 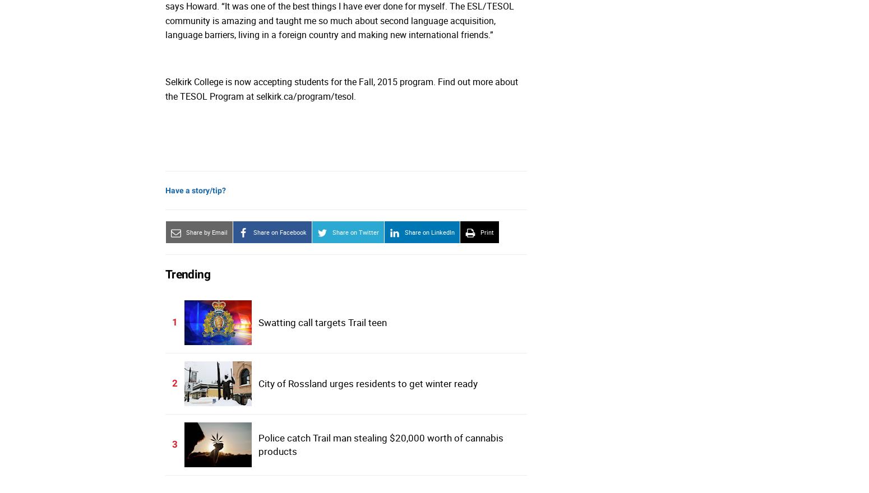 What do you see at coordinates (187, 274) in the screenshot?
I see `'Trending'` at bounding box center [187, 274].